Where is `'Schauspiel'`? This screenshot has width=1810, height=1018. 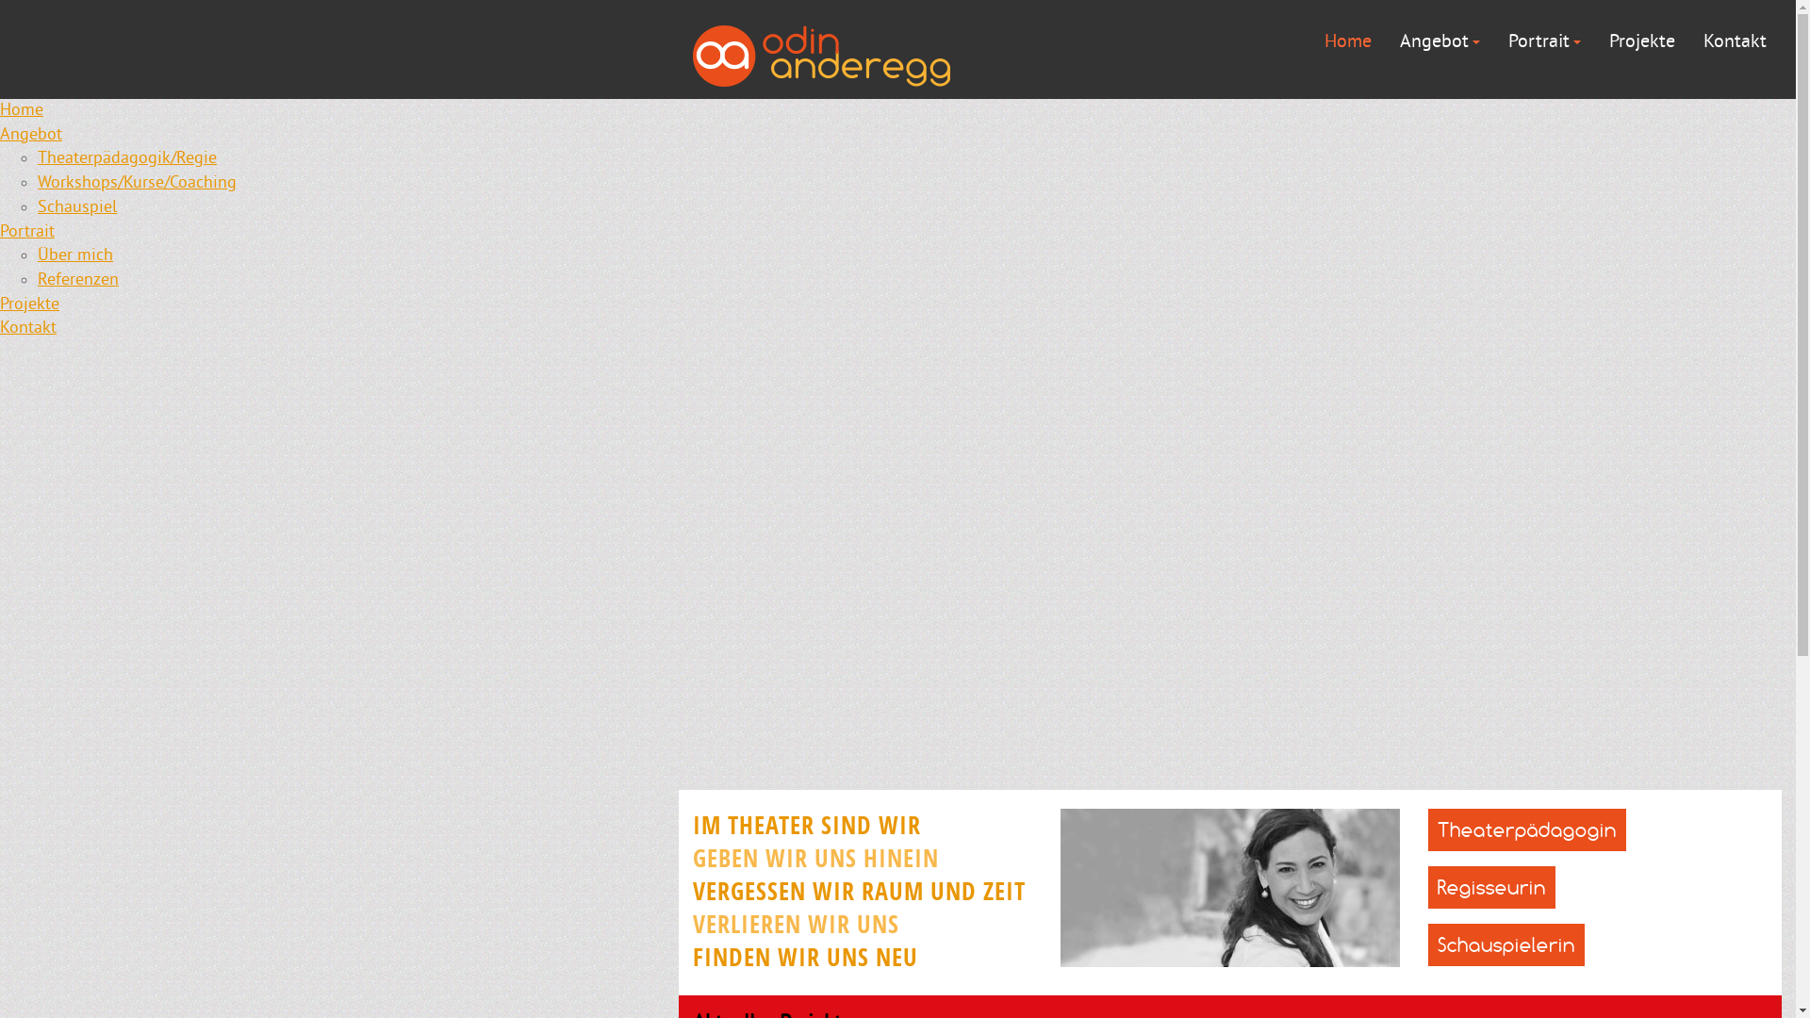
'Schauspiel' is located at coordinates (75, 207).